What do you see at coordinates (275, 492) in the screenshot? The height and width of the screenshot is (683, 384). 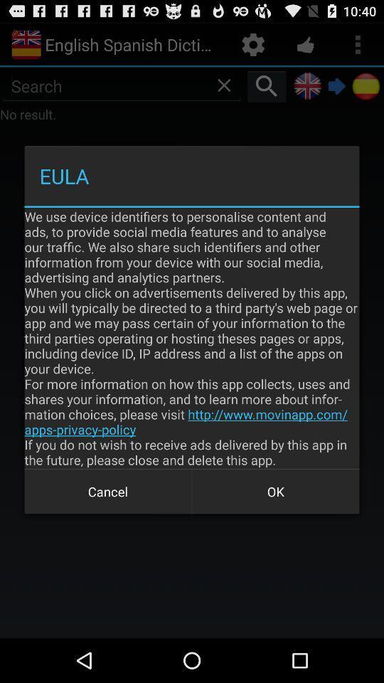 I see `the button next to the cancel icon` at bounding box center [275, 492].